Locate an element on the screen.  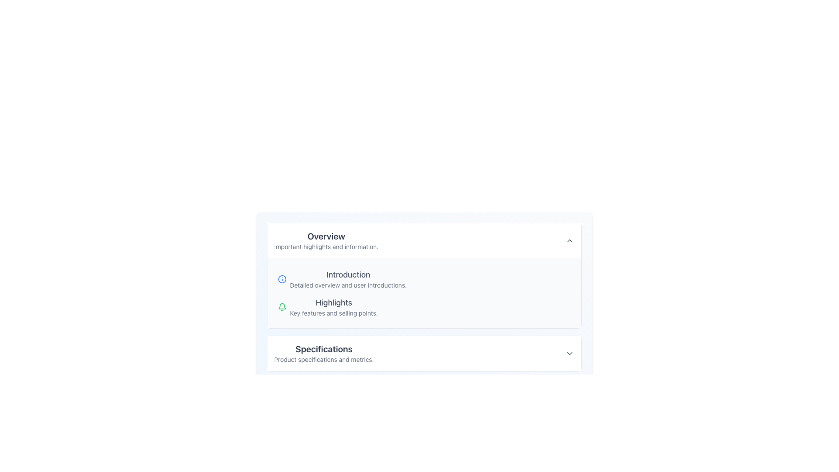
descriptive text module located at the top of the list layout, which provides an overview of the main content is located at coordinates (326, 241).